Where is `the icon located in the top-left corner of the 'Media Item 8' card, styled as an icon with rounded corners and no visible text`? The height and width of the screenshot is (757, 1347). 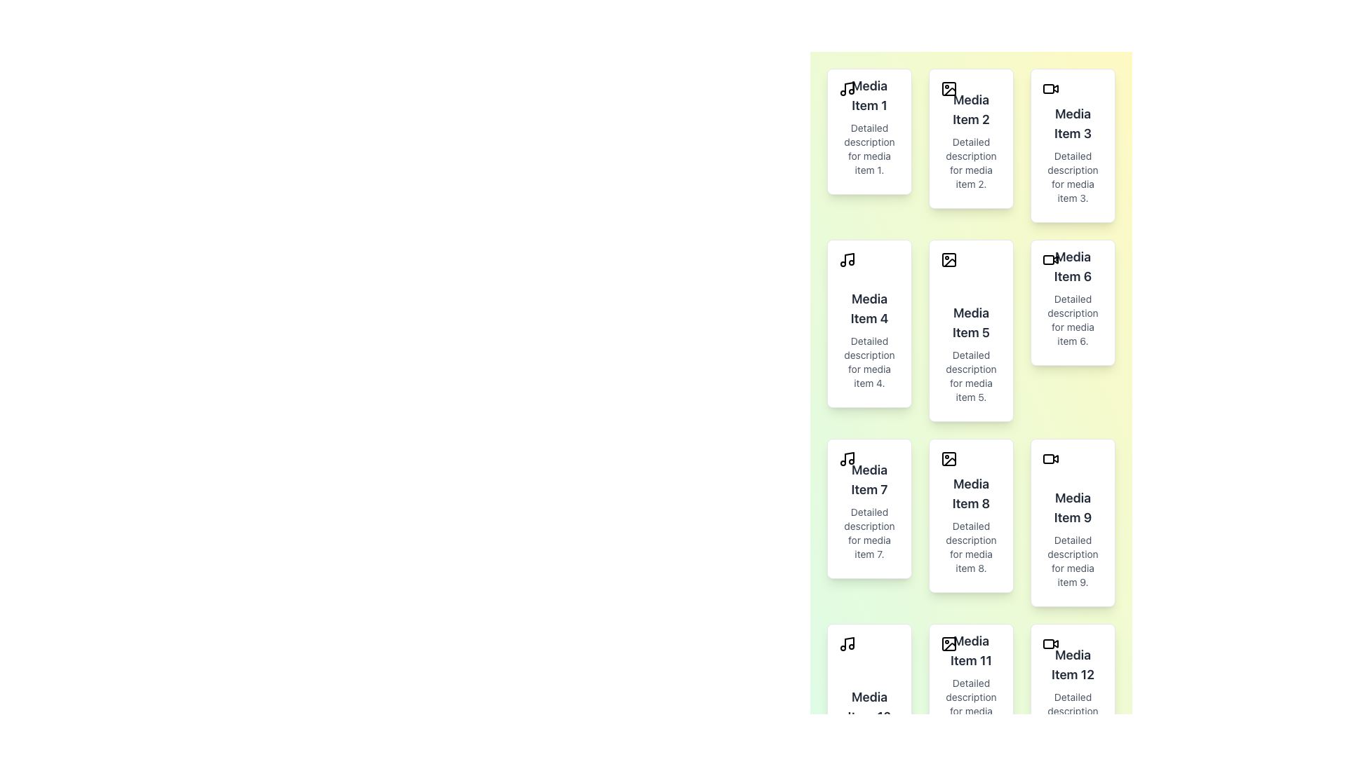
the icon located in the top-left corner of the 'Media Item 8' card, styled as an icon with rounded corners and no visible text is located at coordinates (949, 459).